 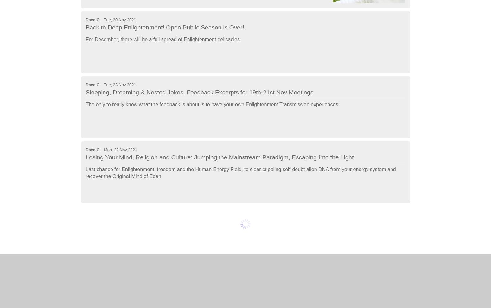 I want to click on 'Tue, 23 Nov 2021', so click(x=119, y=85).